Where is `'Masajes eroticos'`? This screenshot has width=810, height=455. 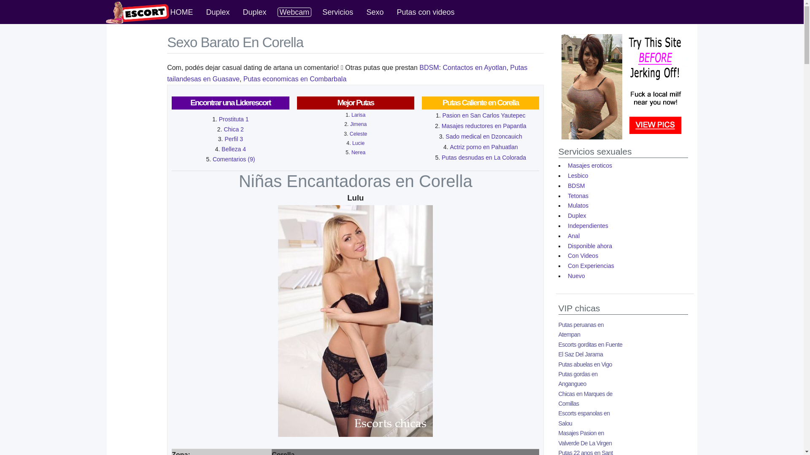 'Masajes eroticos' is located at coordinates (589, 166).